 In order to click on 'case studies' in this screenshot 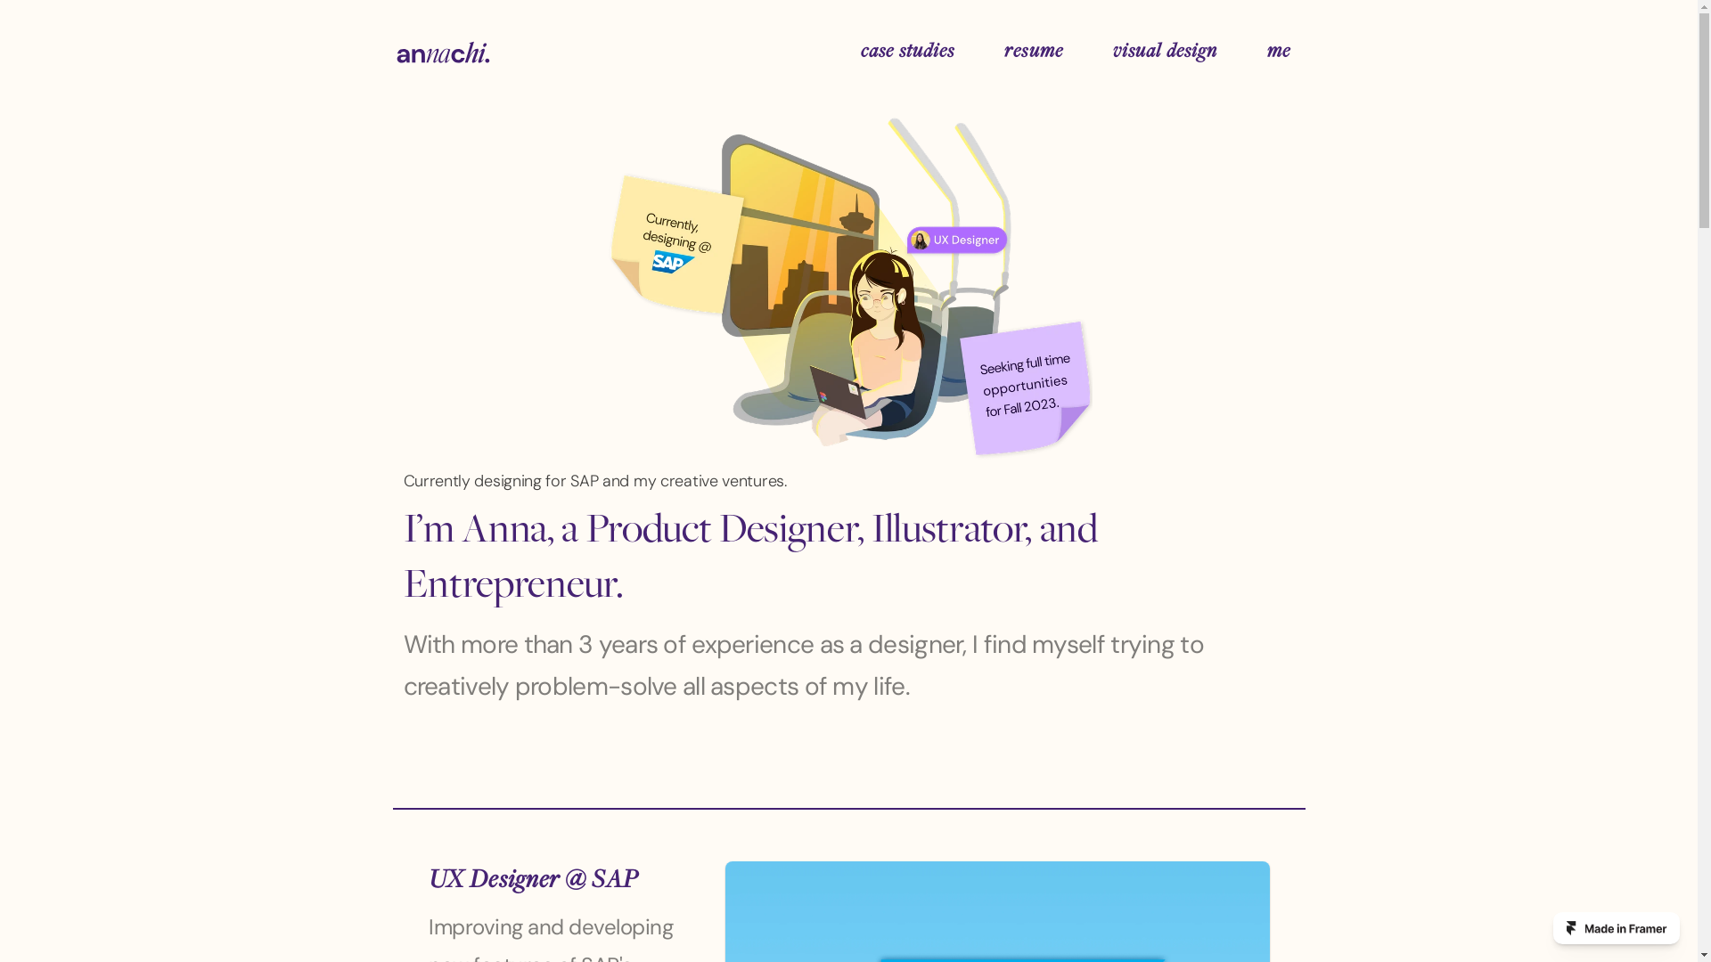, I will do `click(849, 51)`.